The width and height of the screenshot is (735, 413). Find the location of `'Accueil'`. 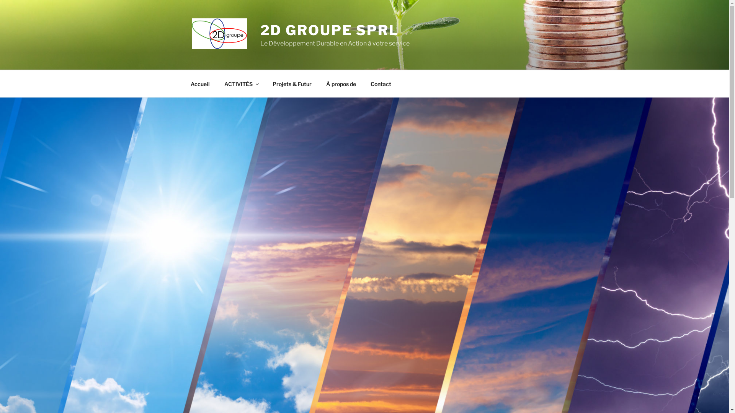

'Accueil' is located at coordinates (200, 83).